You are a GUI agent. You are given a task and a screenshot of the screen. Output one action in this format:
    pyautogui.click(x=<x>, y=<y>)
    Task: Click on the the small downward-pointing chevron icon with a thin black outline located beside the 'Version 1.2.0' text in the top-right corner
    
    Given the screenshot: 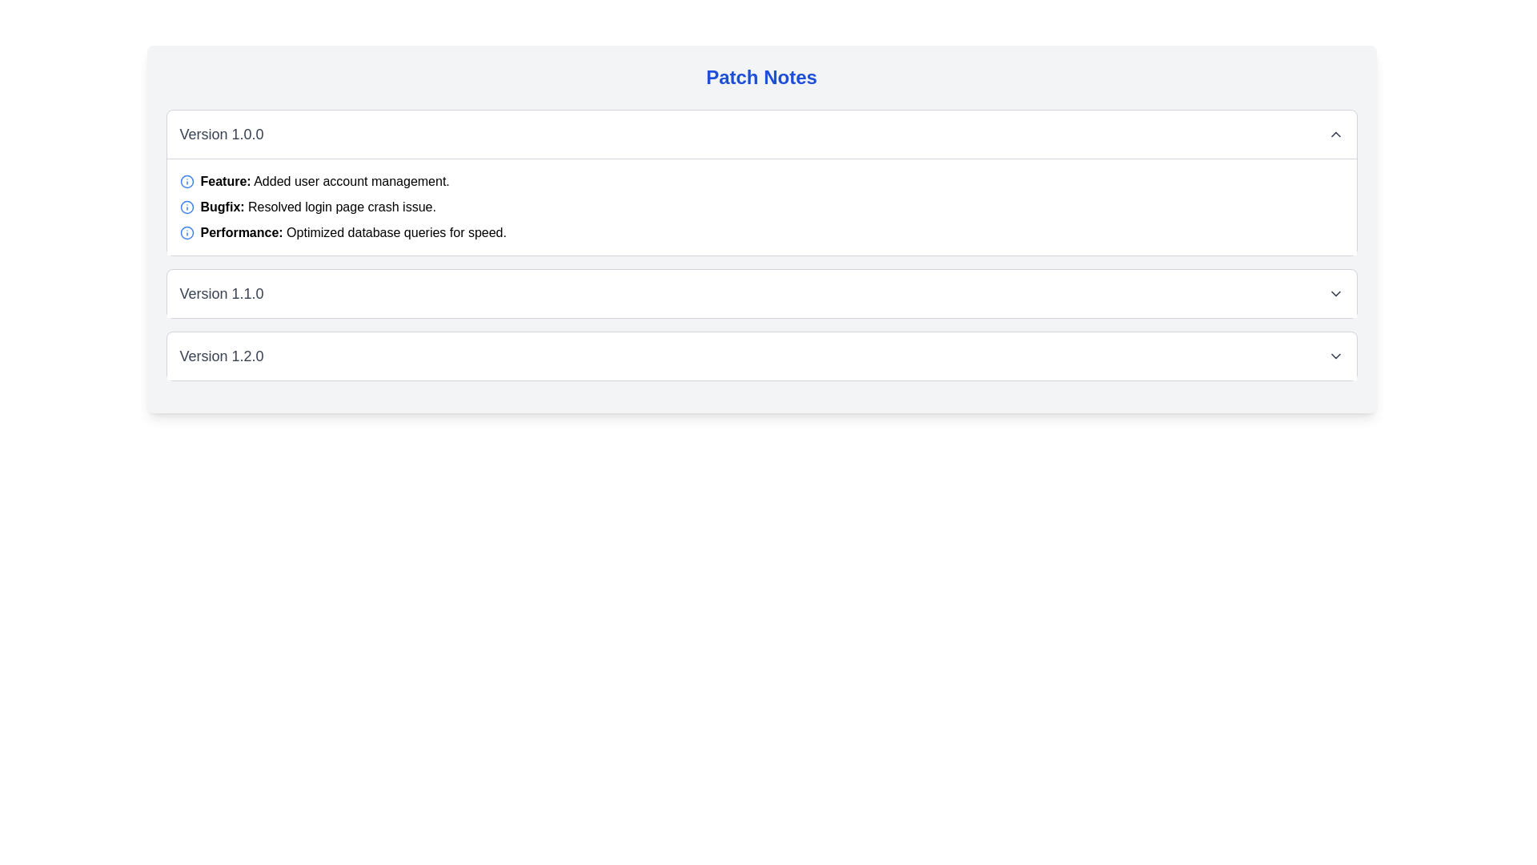 What is the action you would take?
    pyautogui.click(x=1335, y=355)
    